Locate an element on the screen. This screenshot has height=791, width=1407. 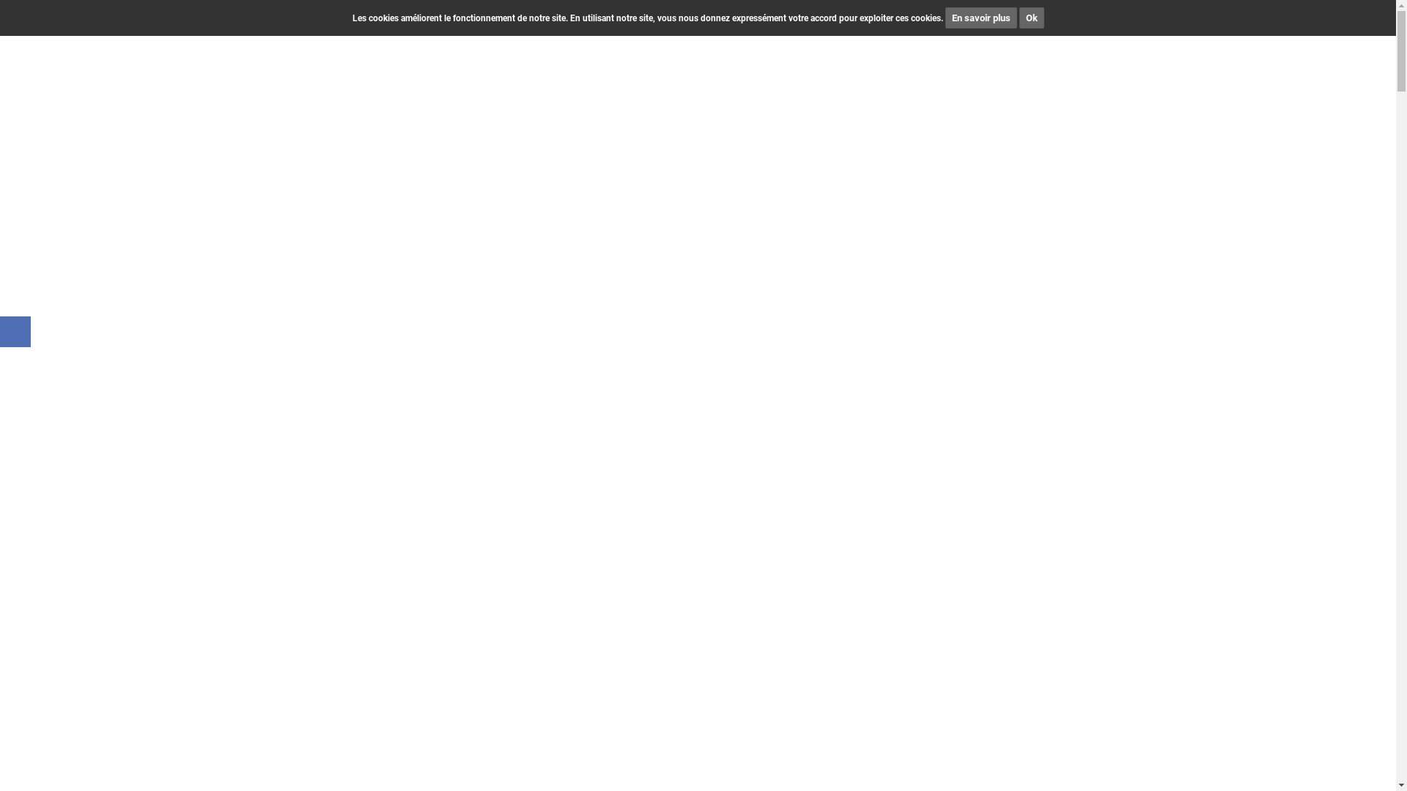
'Page Facebook de CIM Immobilier' is located at coordinates (0, 331).